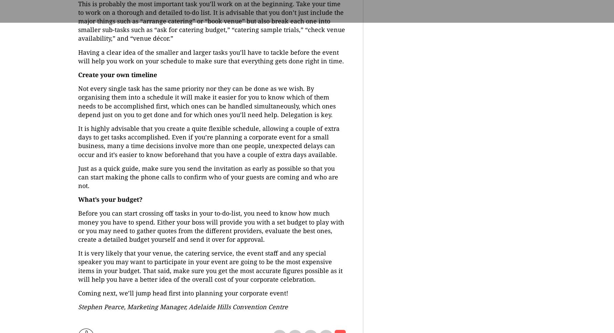 Image resolution: width=614 pixels, height=333 pixels. I want to click on 'Create your own timeline', so click(117, 74).